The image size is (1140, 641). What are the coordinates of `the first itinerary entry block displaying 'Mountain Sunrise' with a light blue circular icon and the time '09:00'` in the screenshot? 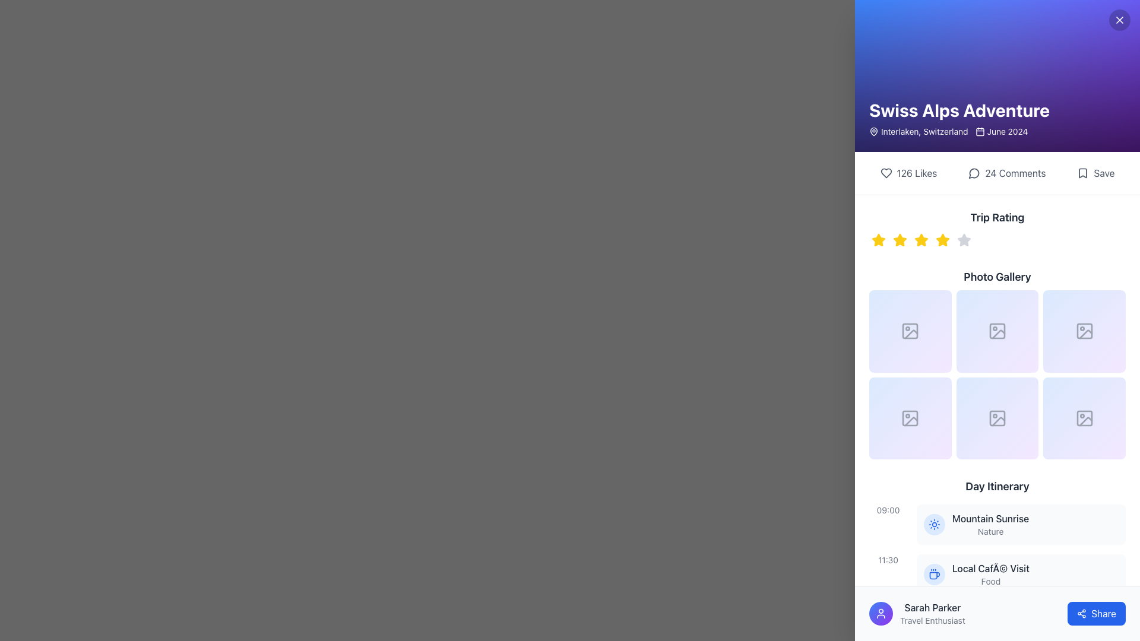 It's located at (997, 523).